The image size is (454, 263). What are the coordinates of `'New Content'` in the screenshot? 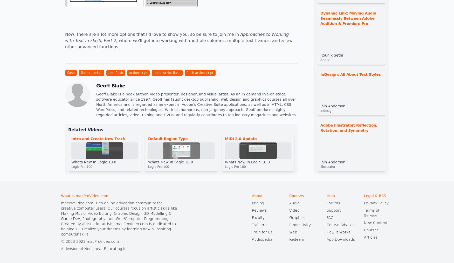 It's located at (375, 222).